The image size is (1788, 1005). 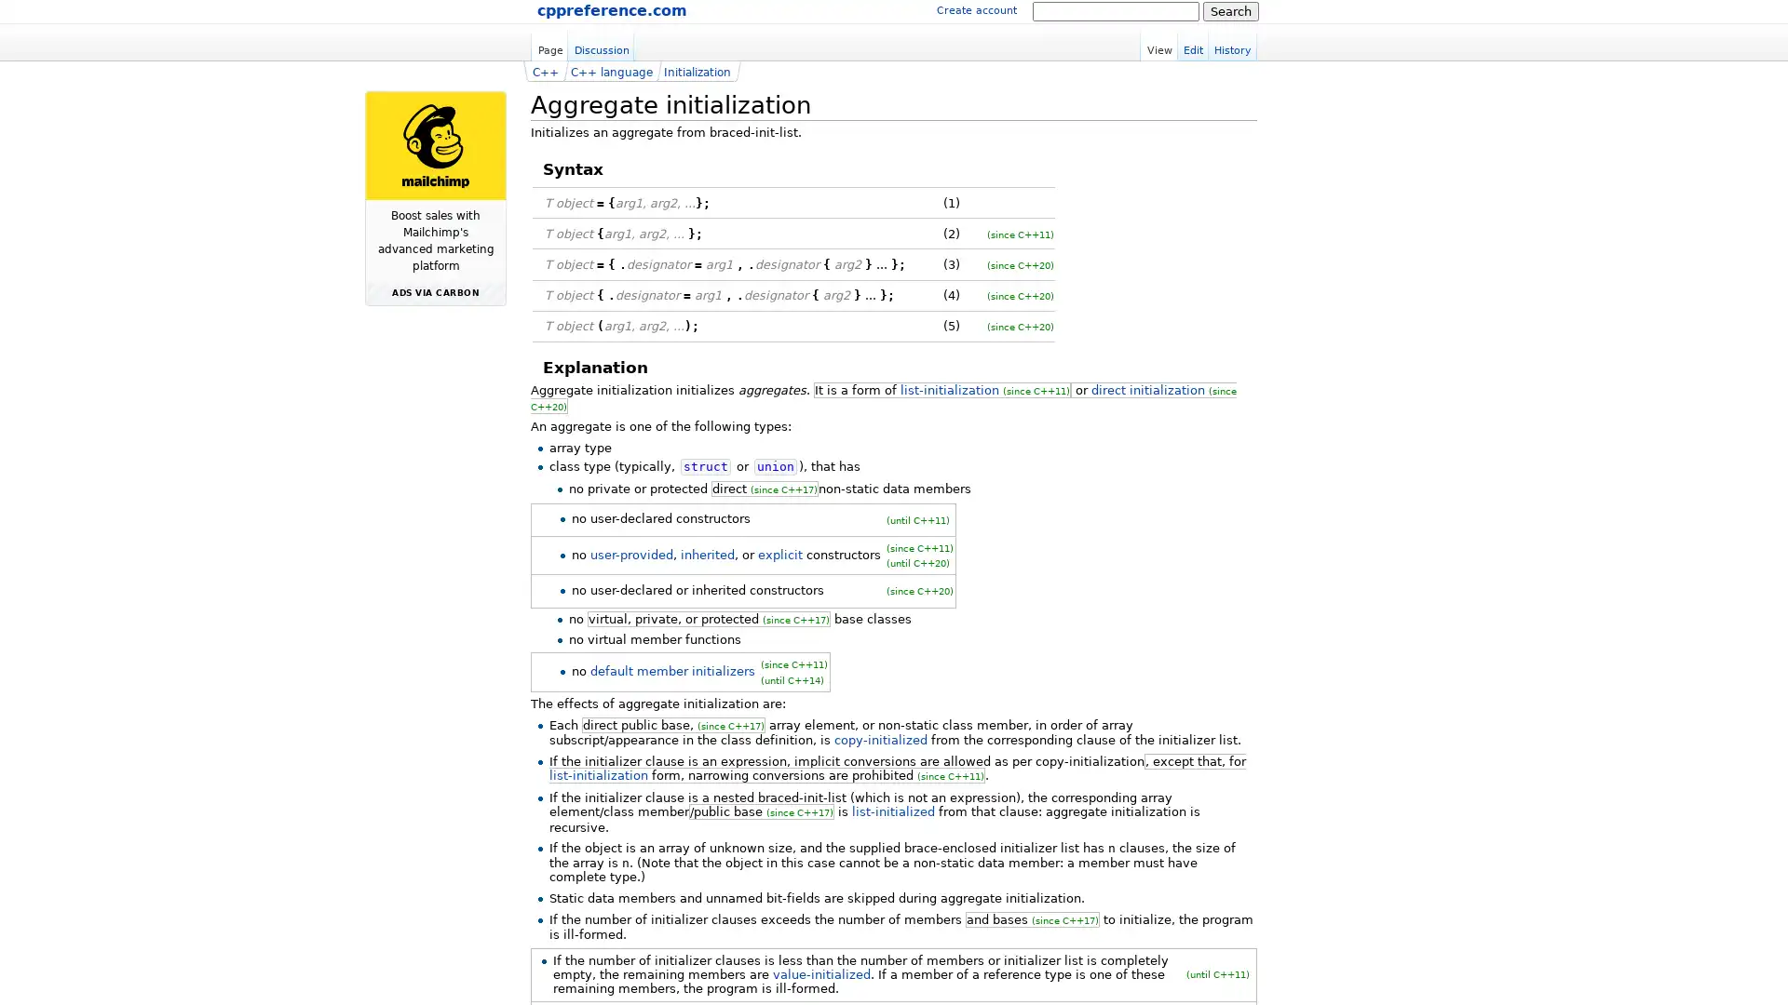 What do you see at coordinates (1229, 10) in the screenshot?
I see `Search` at bounding box center [1229, 10].